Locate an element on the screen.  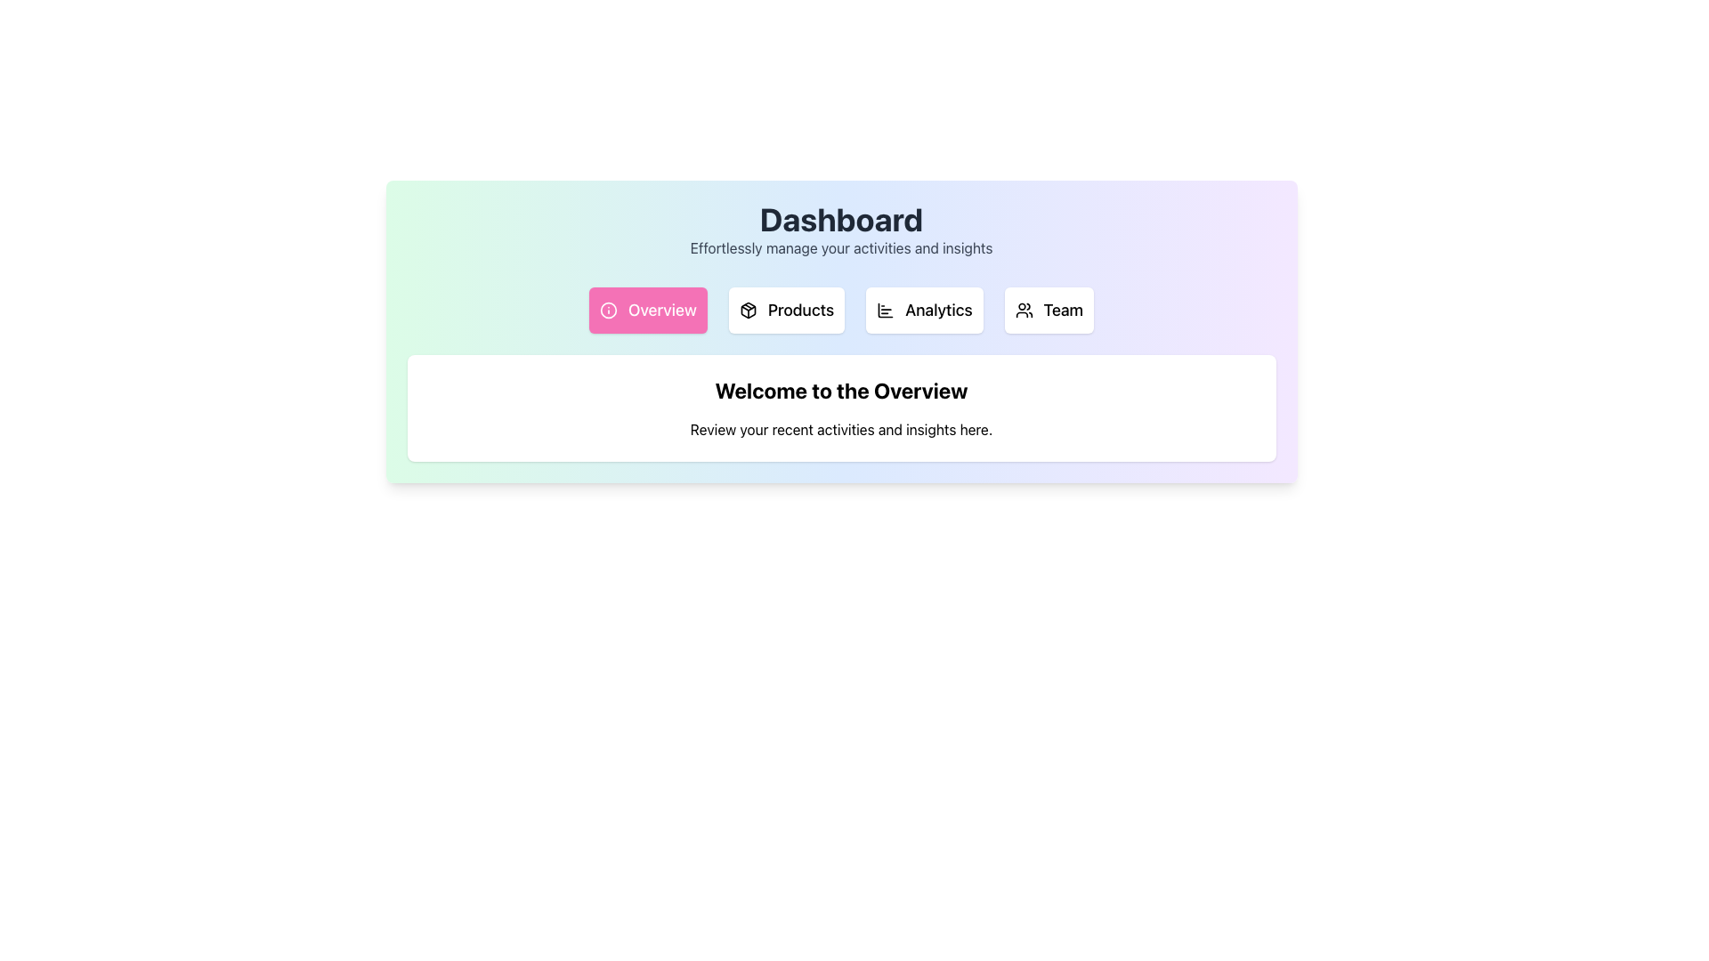
the 'Products' button, which is styled with a white background and black text is located at coordinates (785, 309).